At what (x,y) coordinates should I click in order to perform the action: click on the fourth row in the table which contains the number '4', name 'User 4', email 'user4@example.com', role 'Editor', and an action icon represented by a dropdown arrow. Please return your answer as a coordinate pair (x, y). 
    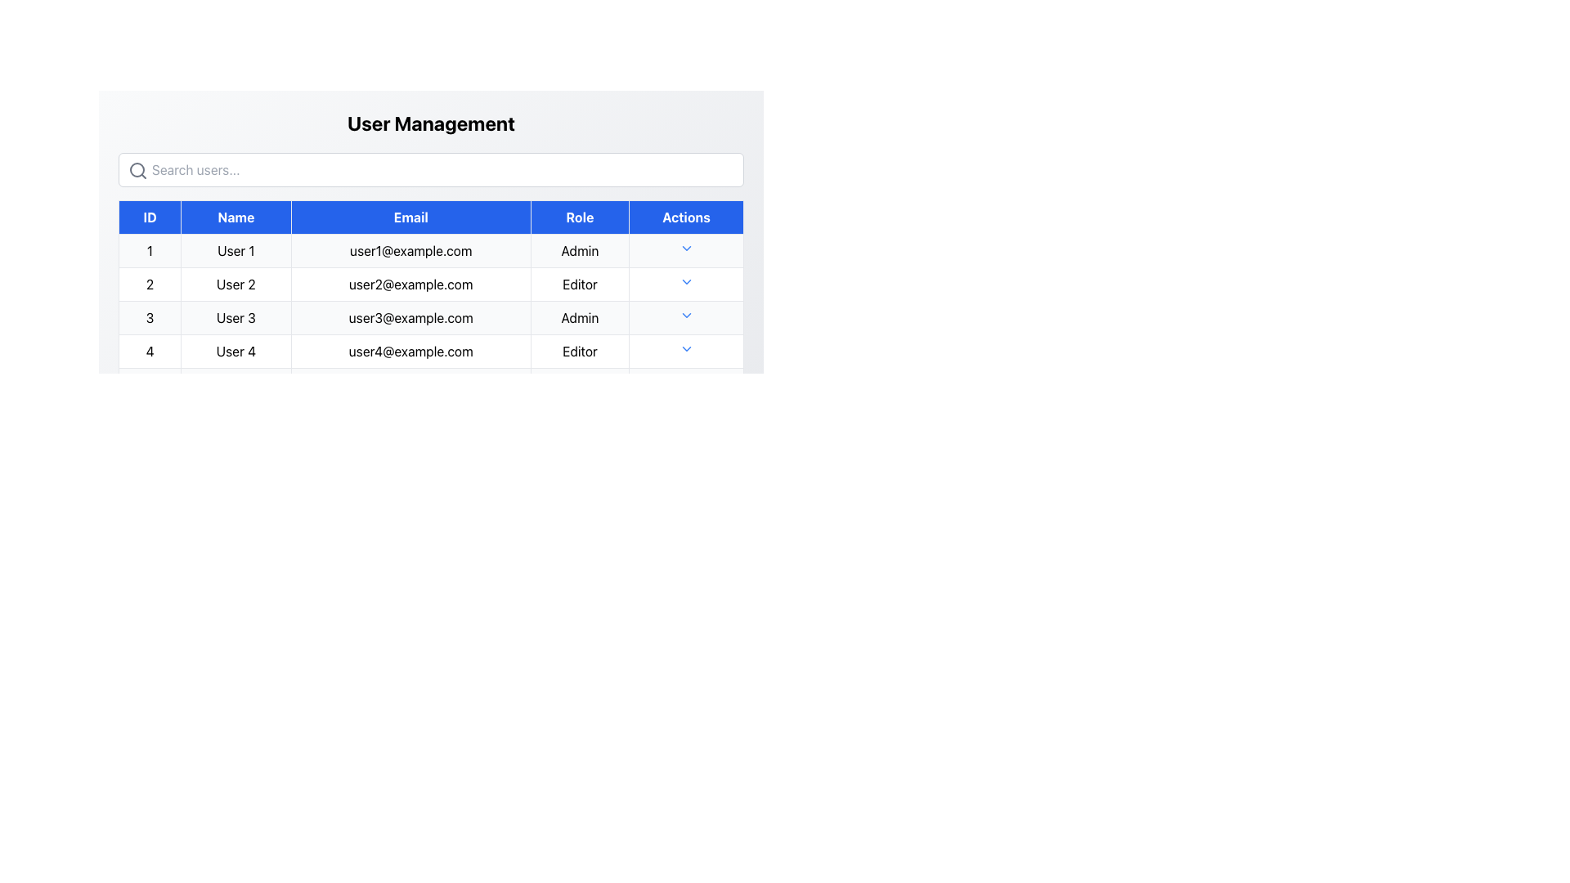
    Looking at the image, I should click on (431, 350).